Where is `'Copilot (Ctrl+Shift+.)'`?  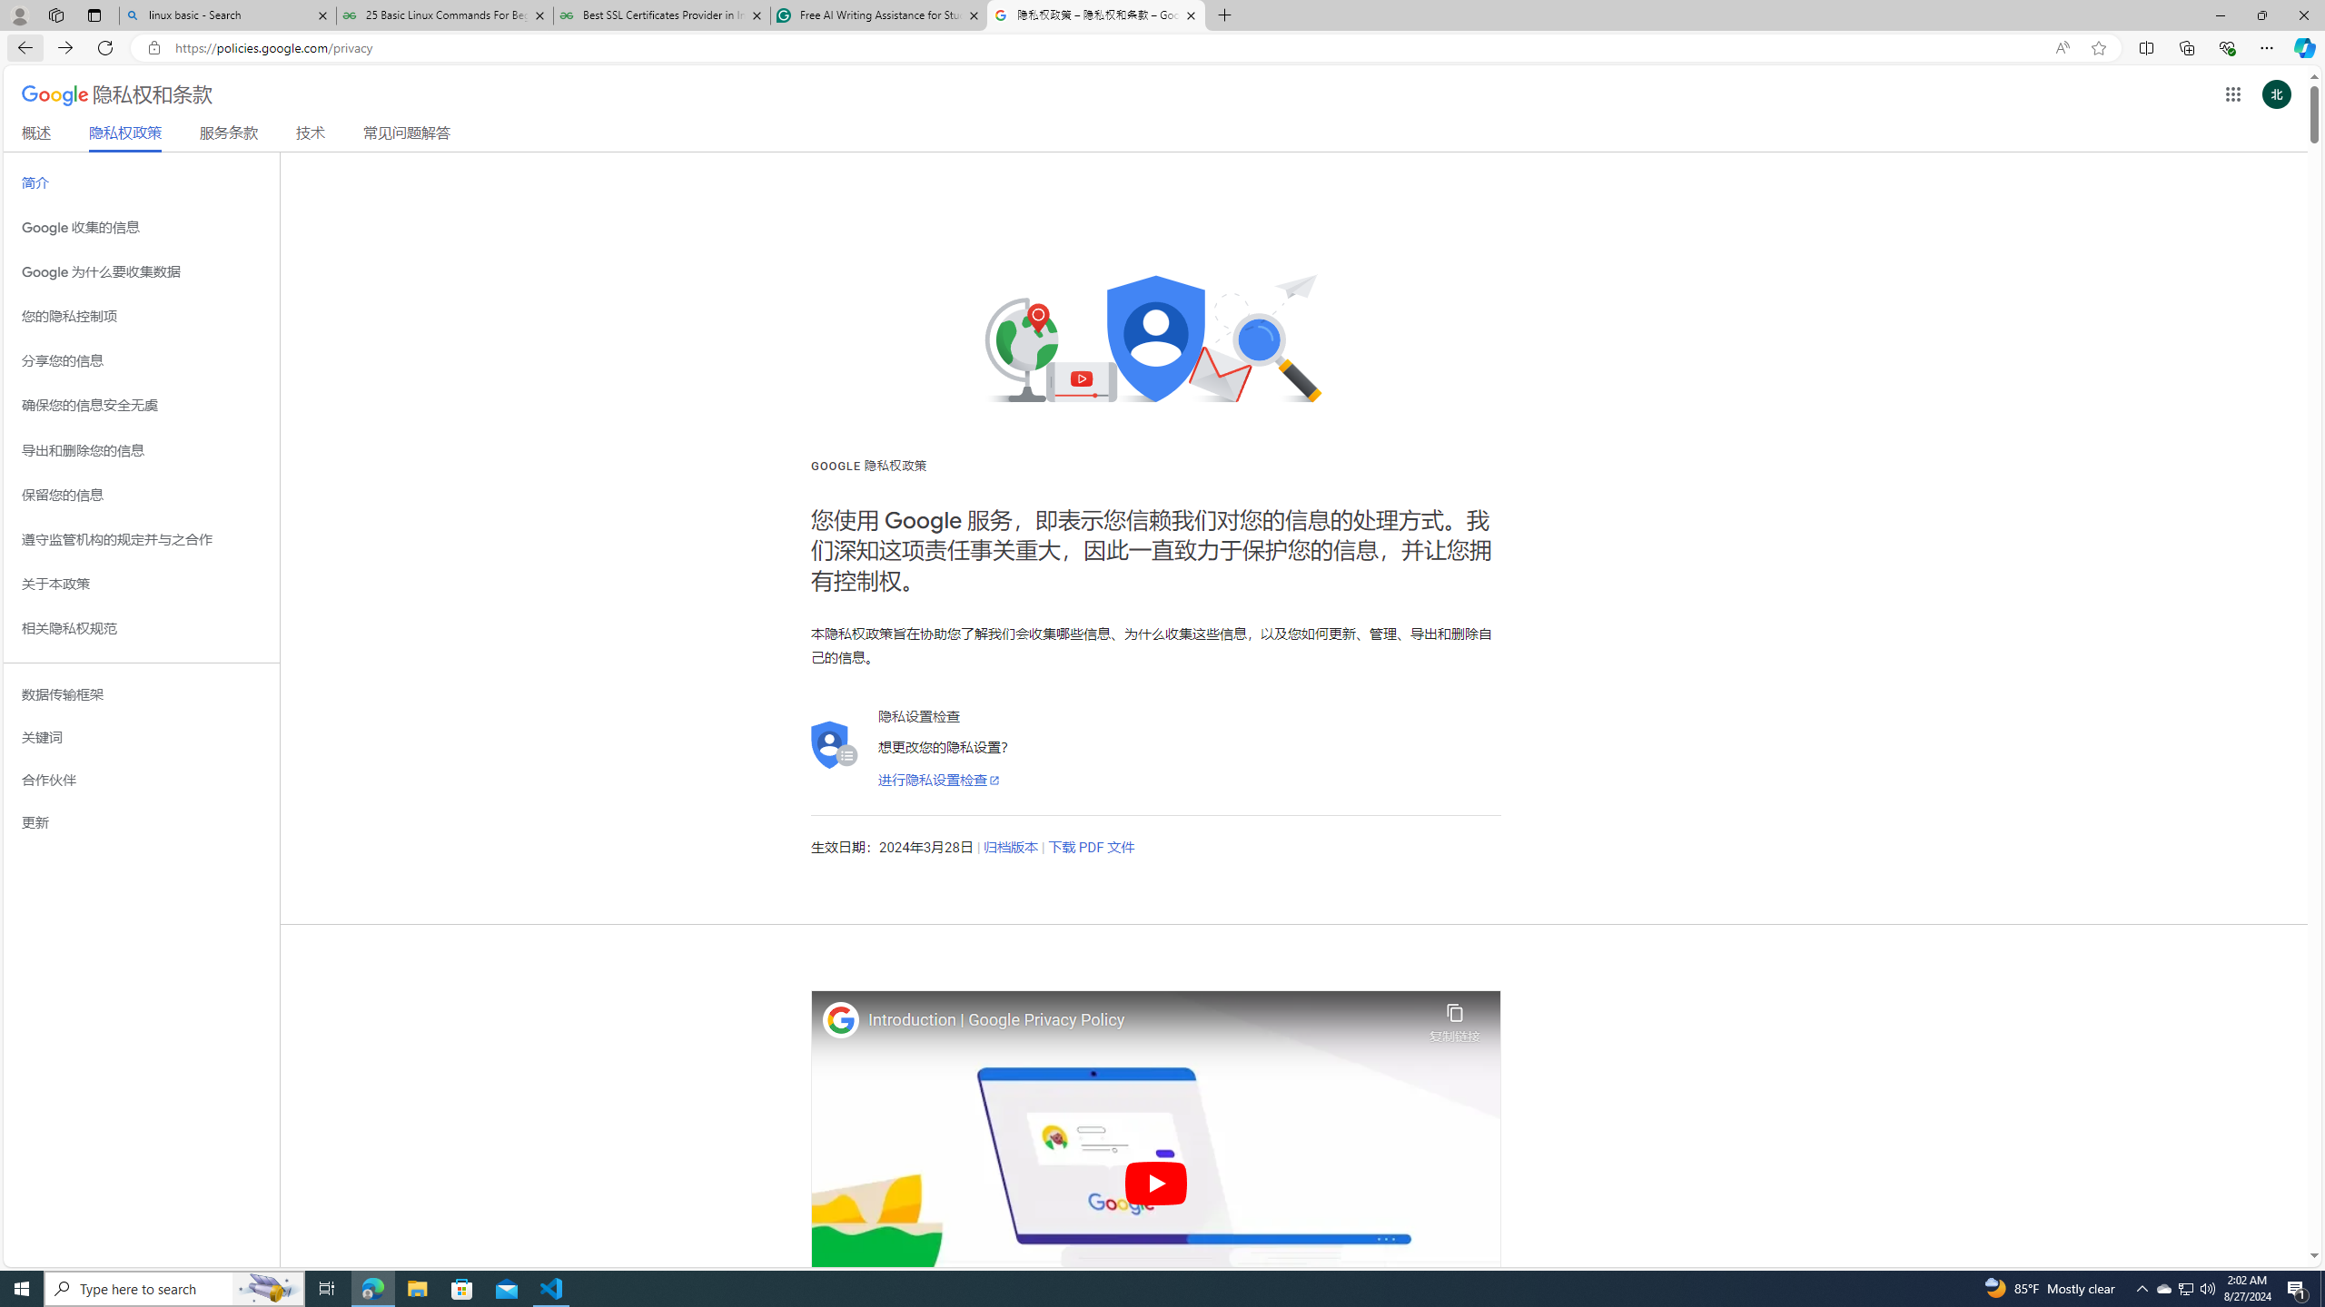
'Copilot (Ctrl+Shift+.)' is located at coordinates (2302, 46).